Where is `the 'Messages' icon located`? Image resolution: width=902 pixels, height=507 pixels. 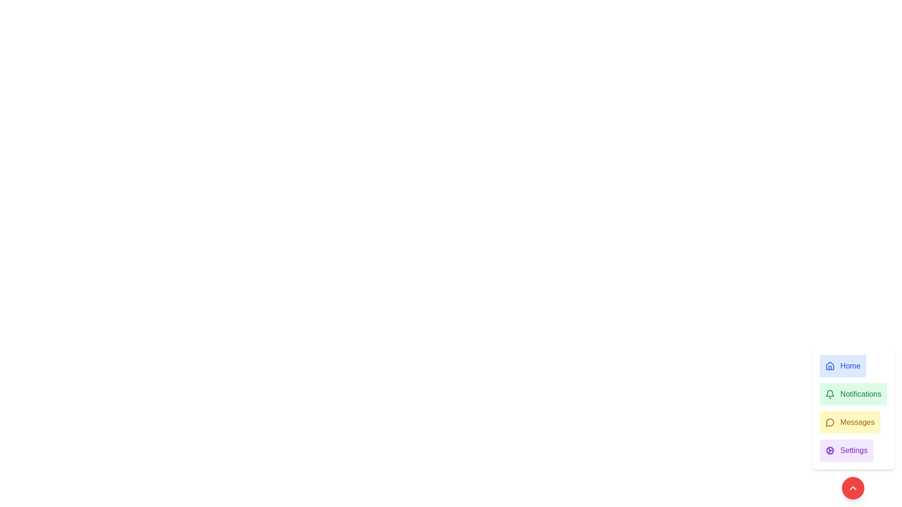 the 'Messages' icon located is located at coordinates (830, 422).